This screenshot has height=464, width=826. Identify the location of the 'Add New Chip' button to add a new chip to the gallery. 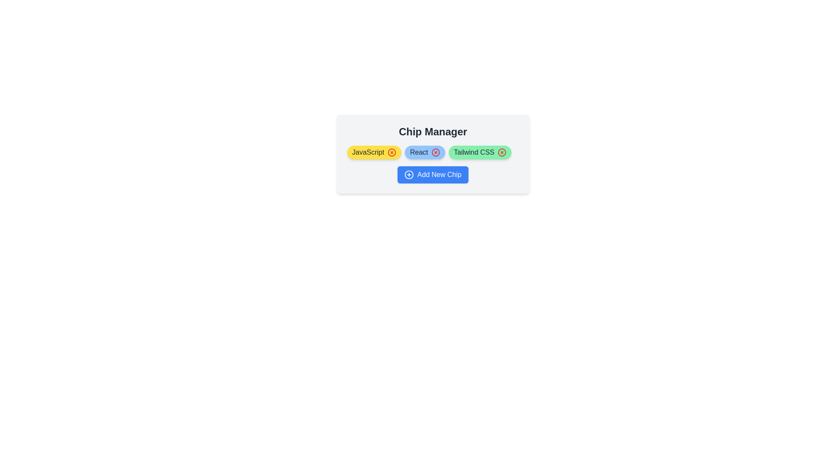
(433, 174).